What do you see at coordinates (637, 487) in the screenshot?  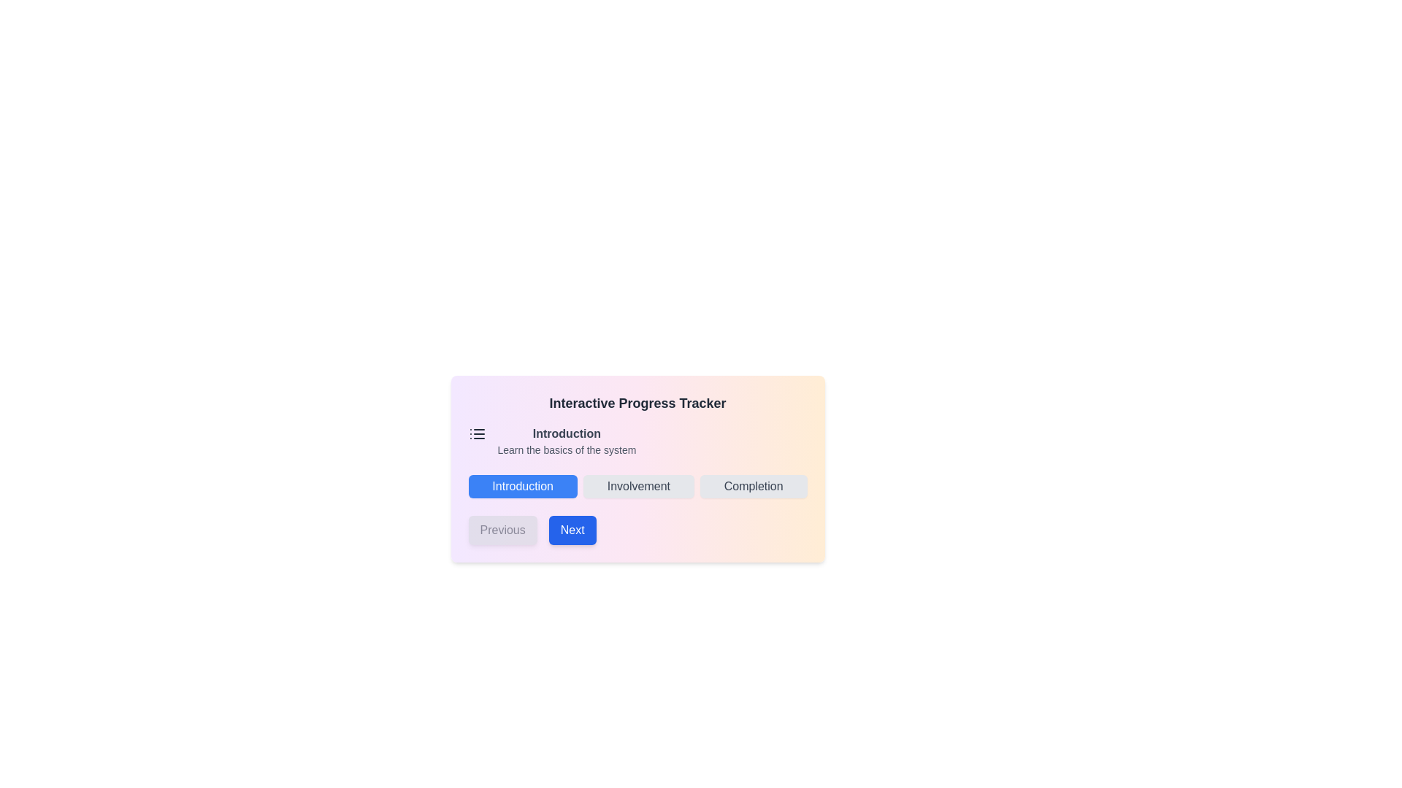 I see `the 'Involvement' section of the navigation progress bar` at bounding box center [637, 487].